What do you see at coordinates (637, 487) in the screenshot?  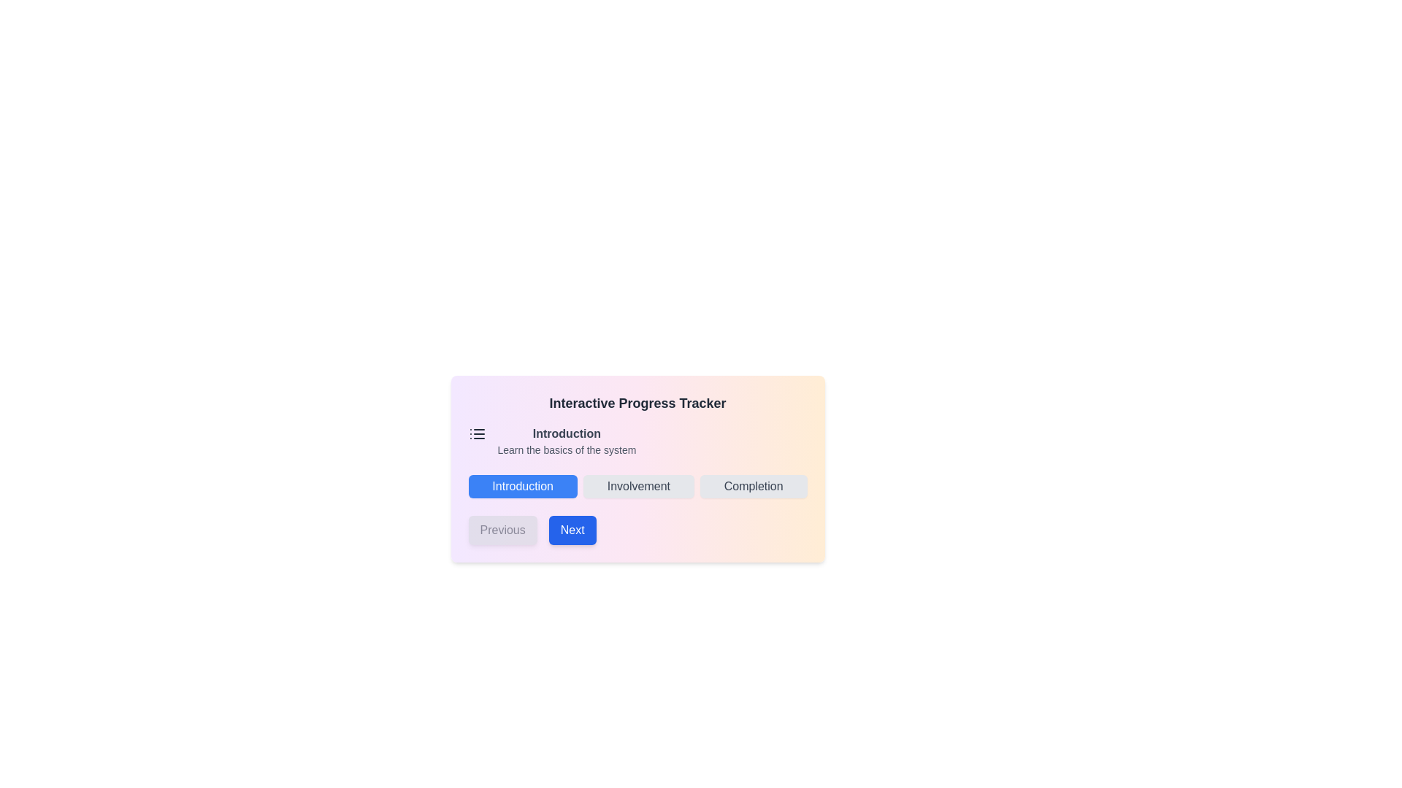 I see `the 'Involvement' section of the navigation progress bar` at bounding box center [637, 487].